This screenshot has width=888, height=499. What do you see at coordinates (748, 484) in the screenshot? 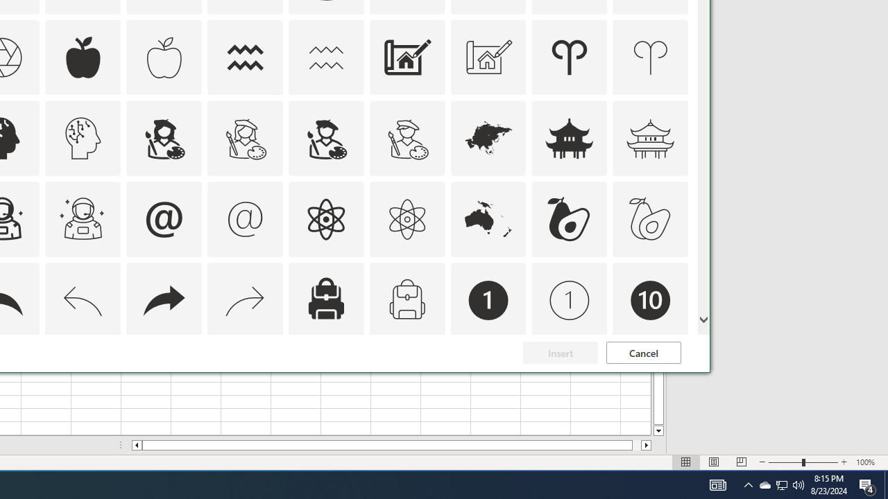
I see `'Notification Chevron'` at bounding box center [748, 484].